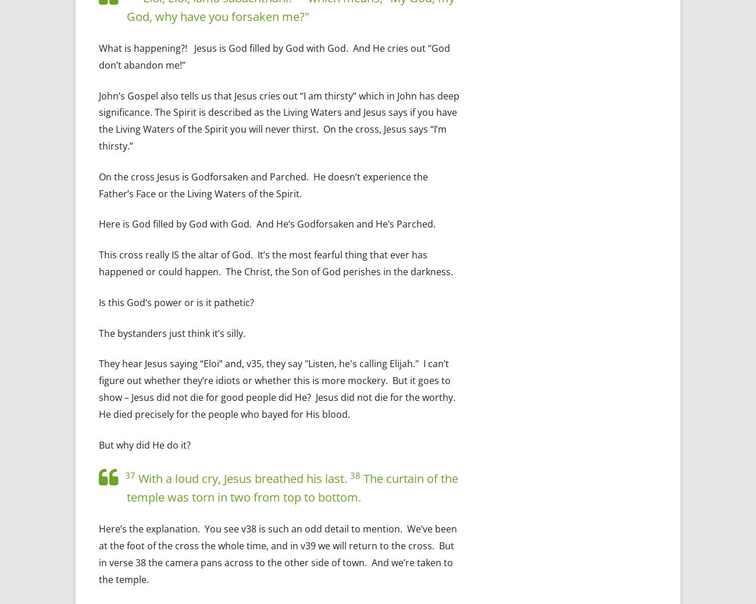  I want to click on 'Here’s the explanation.  You see v38 is such an odd detail to mention.  We’ve been at the foot of the cross the whole time, and in v39 we will return to the cross.  But in verse 38 the camera pans across to the other side of town.  And we’re taken to the temple.', so click(277, 553).